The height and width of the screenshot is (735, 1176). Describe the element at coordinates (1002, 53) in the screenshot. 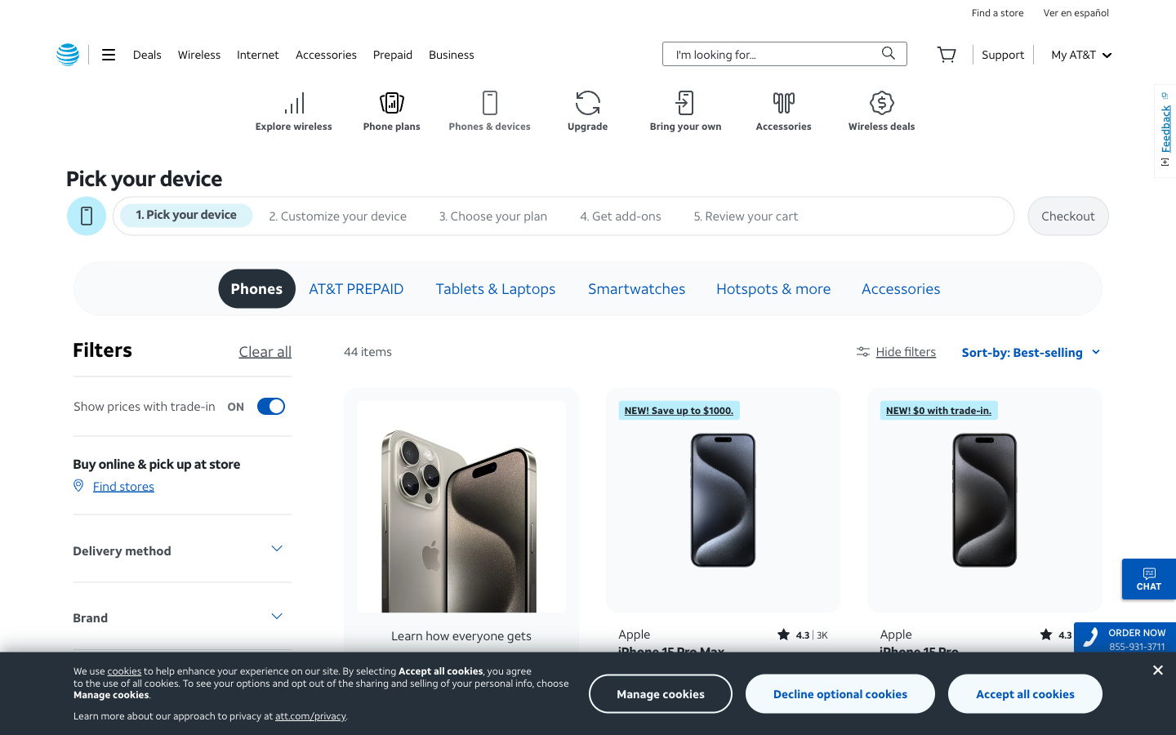

I see `Check the support section` at that location.